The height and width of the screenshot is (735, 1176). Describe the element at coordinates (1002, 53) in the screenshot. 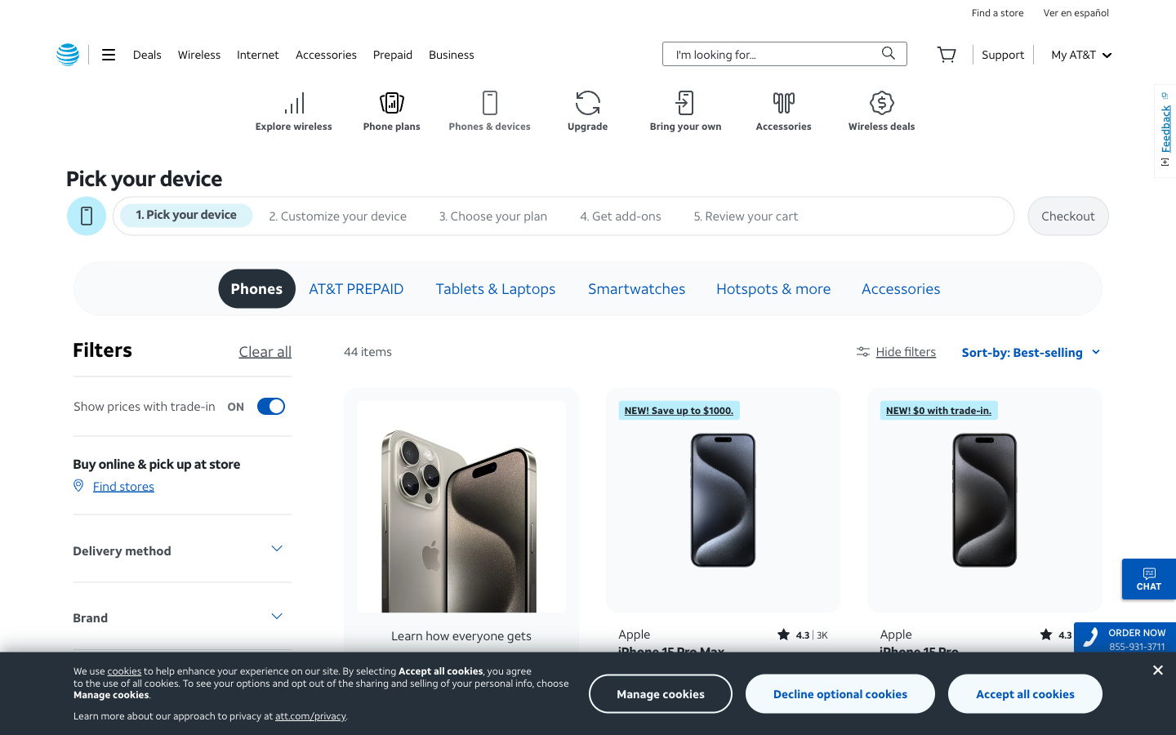

I see `Check the support section` at that location.